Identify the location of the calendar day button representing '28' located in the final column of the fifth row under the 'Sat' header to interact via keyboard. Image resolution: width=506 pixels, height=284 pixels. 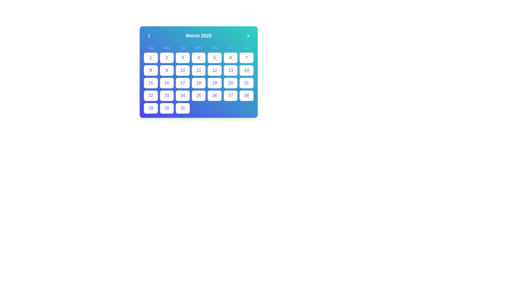
(246, 95).